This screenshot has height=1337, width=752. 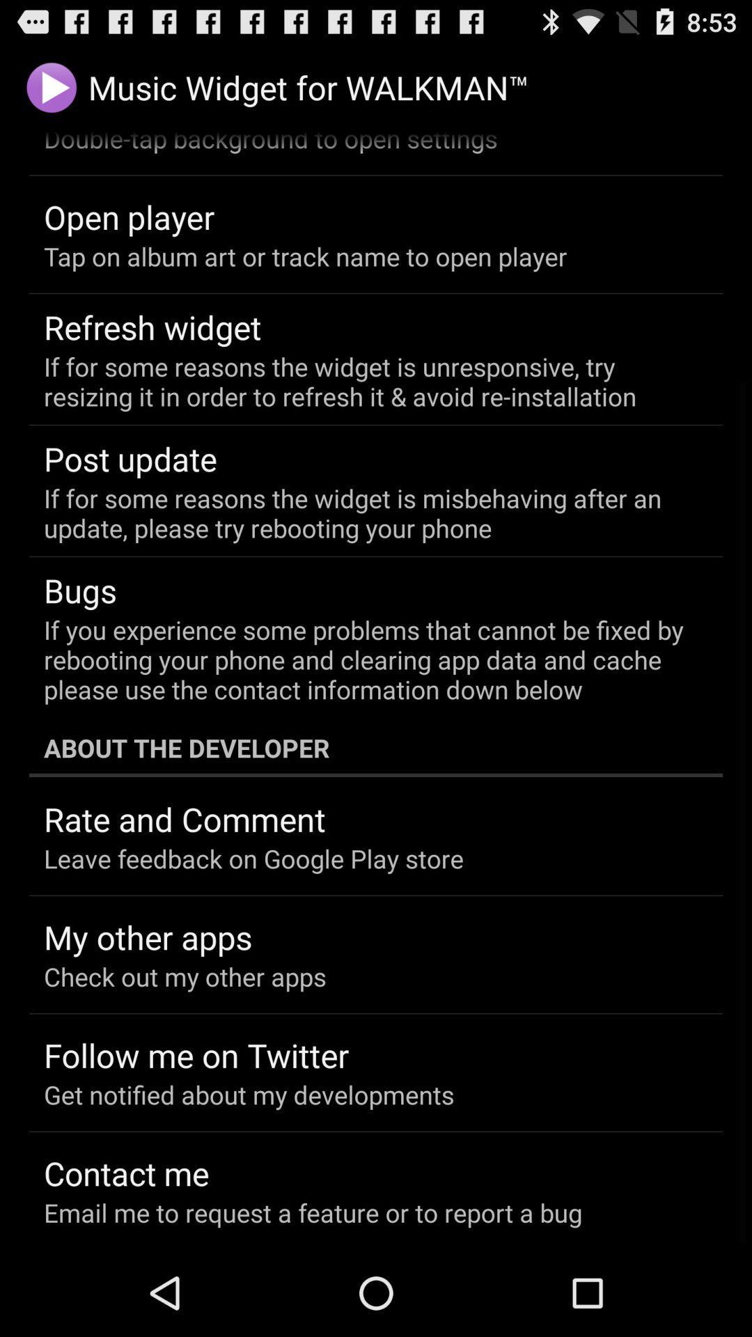 What do you see at coordinates (196, 1055) in the screenshot?
I see `follow me on icon` at bounding box center [196, 1055].